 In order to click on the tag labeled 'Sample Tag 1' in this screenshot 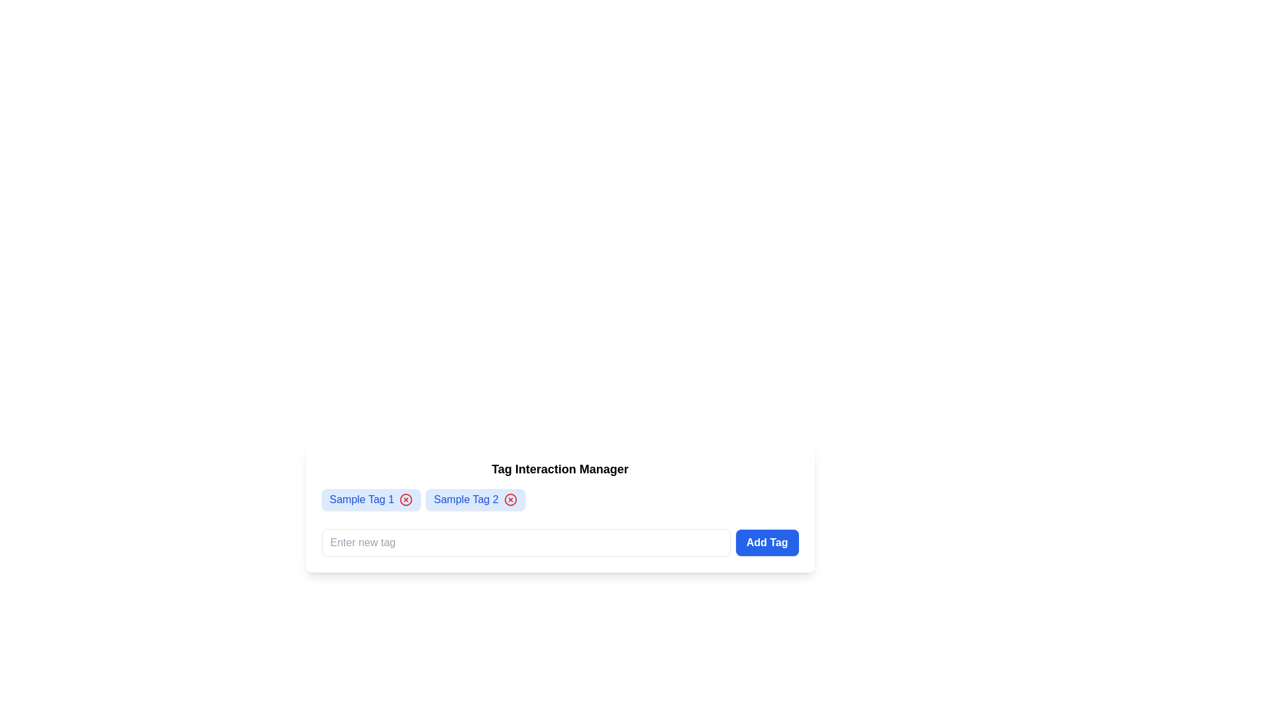, I will do `click(371, 500)`.